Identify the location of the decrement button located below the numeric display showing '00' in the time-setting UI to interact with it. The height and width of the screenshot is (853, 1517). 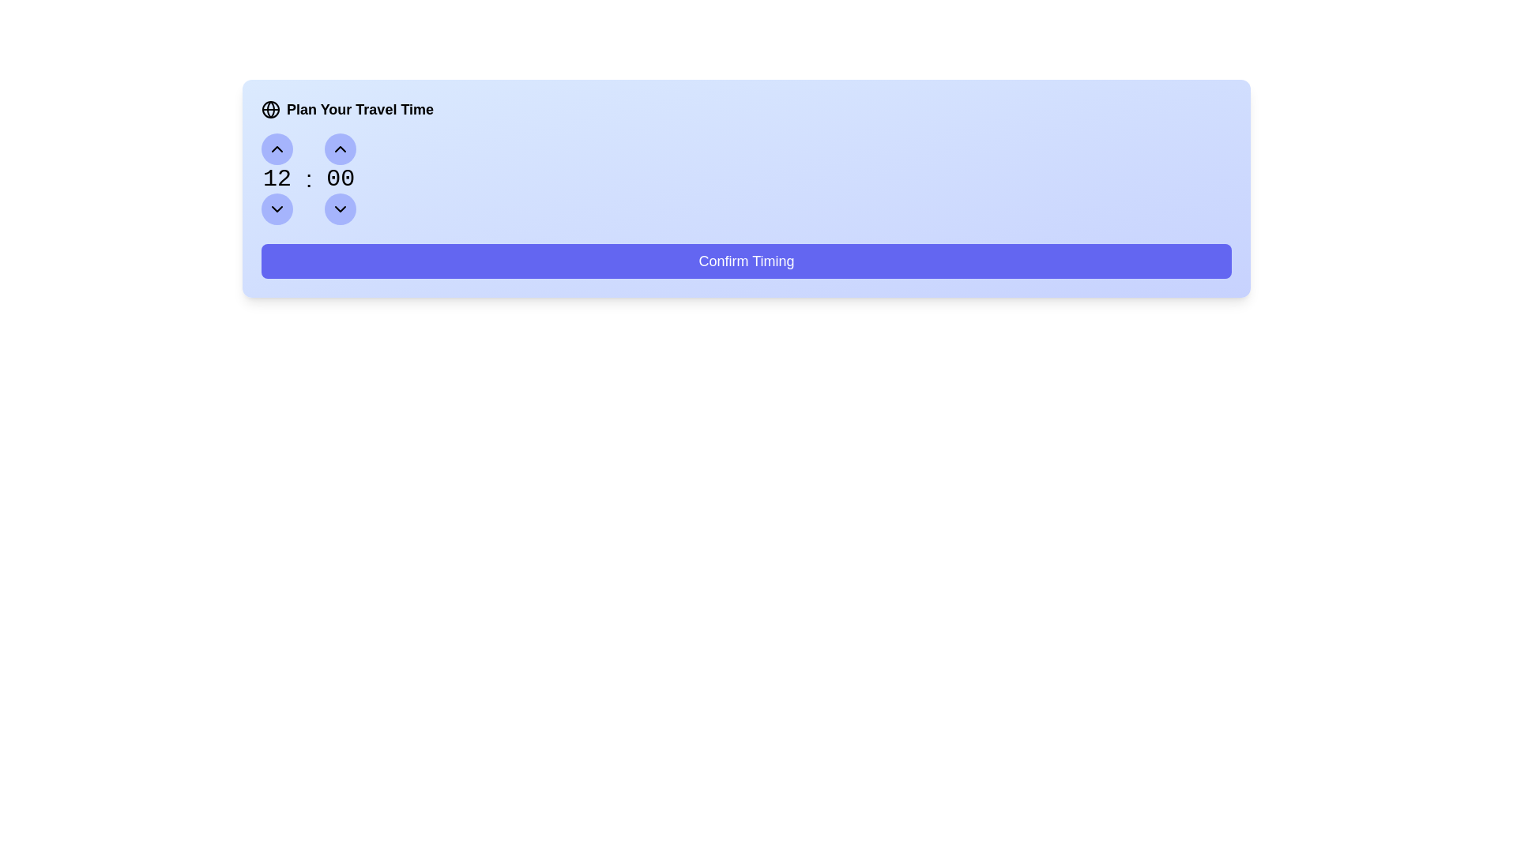
(340, 209).